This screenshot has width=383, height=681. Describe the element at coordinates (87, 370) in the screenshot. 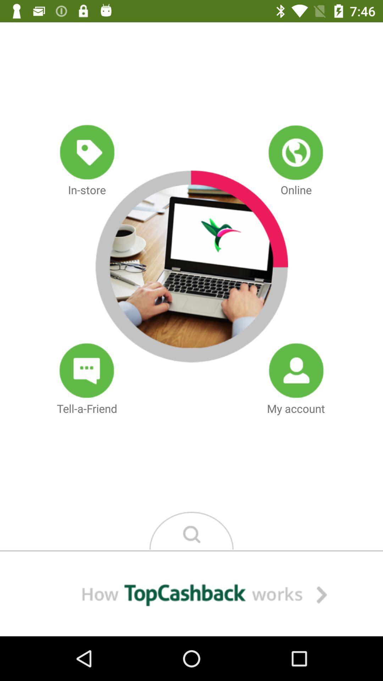

I see `the chat icon` at that location.